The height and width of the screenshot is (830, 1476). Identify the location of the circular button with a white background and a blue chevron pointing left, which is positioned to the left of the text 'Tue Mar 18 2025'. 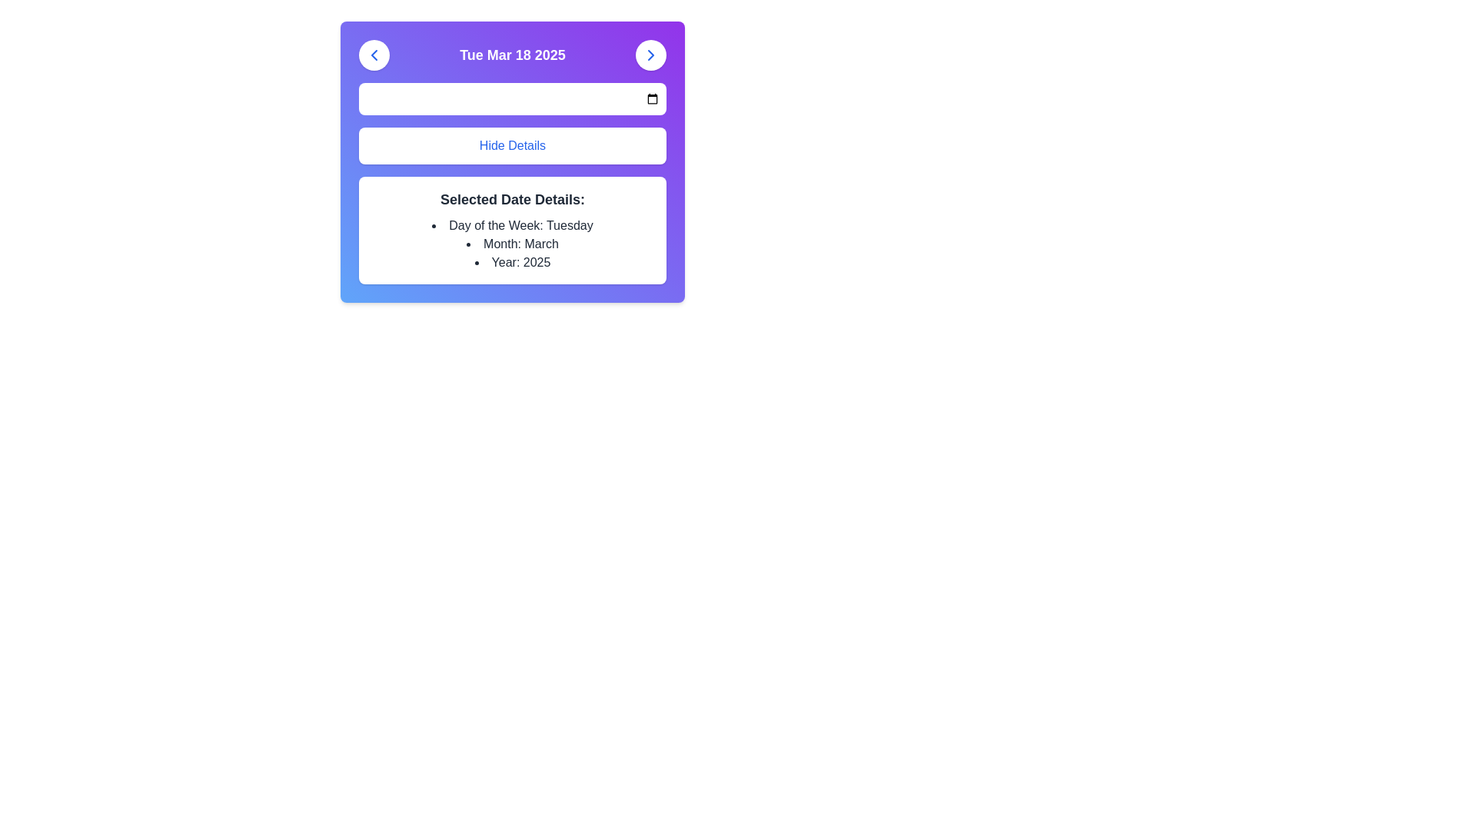
(374, 55).